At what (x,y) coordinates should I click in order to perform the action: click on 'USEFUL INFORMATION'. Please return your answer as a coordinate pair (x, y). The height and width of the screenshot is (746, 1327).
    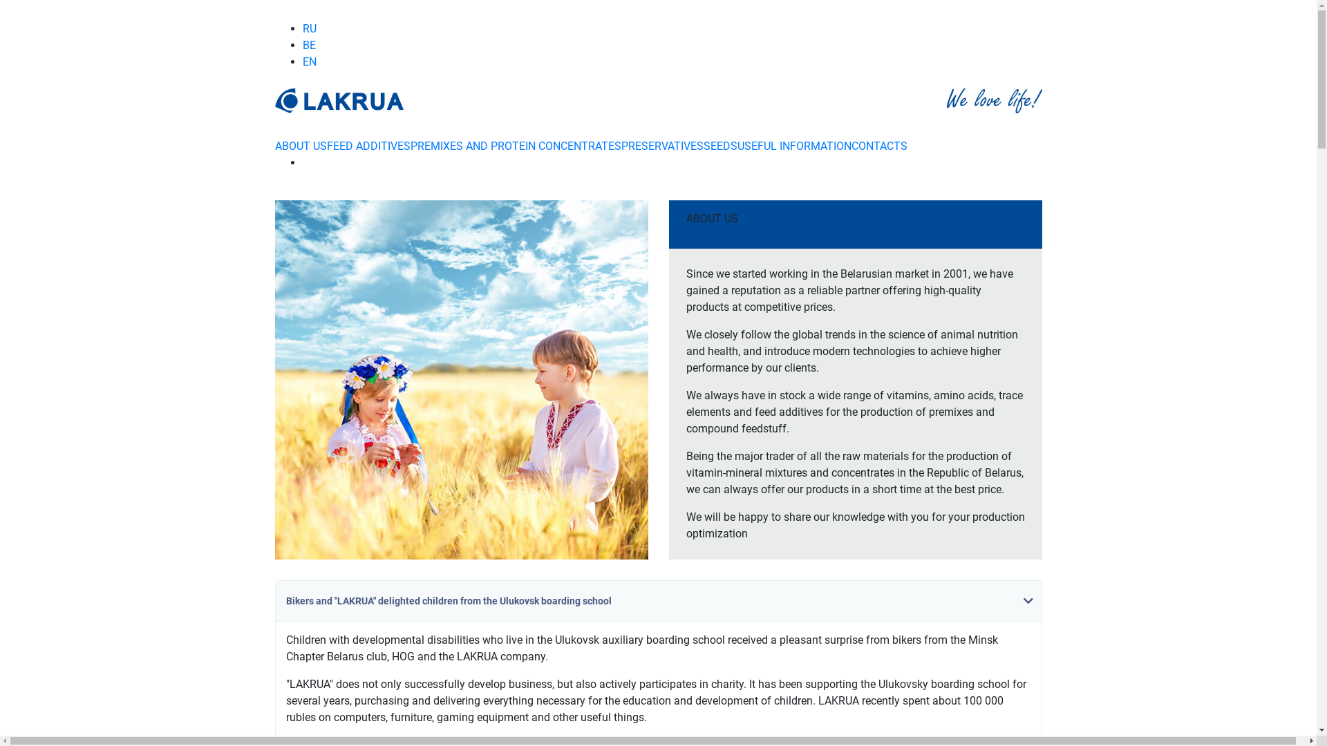
    Looking at the image, I should click on (793, 146).